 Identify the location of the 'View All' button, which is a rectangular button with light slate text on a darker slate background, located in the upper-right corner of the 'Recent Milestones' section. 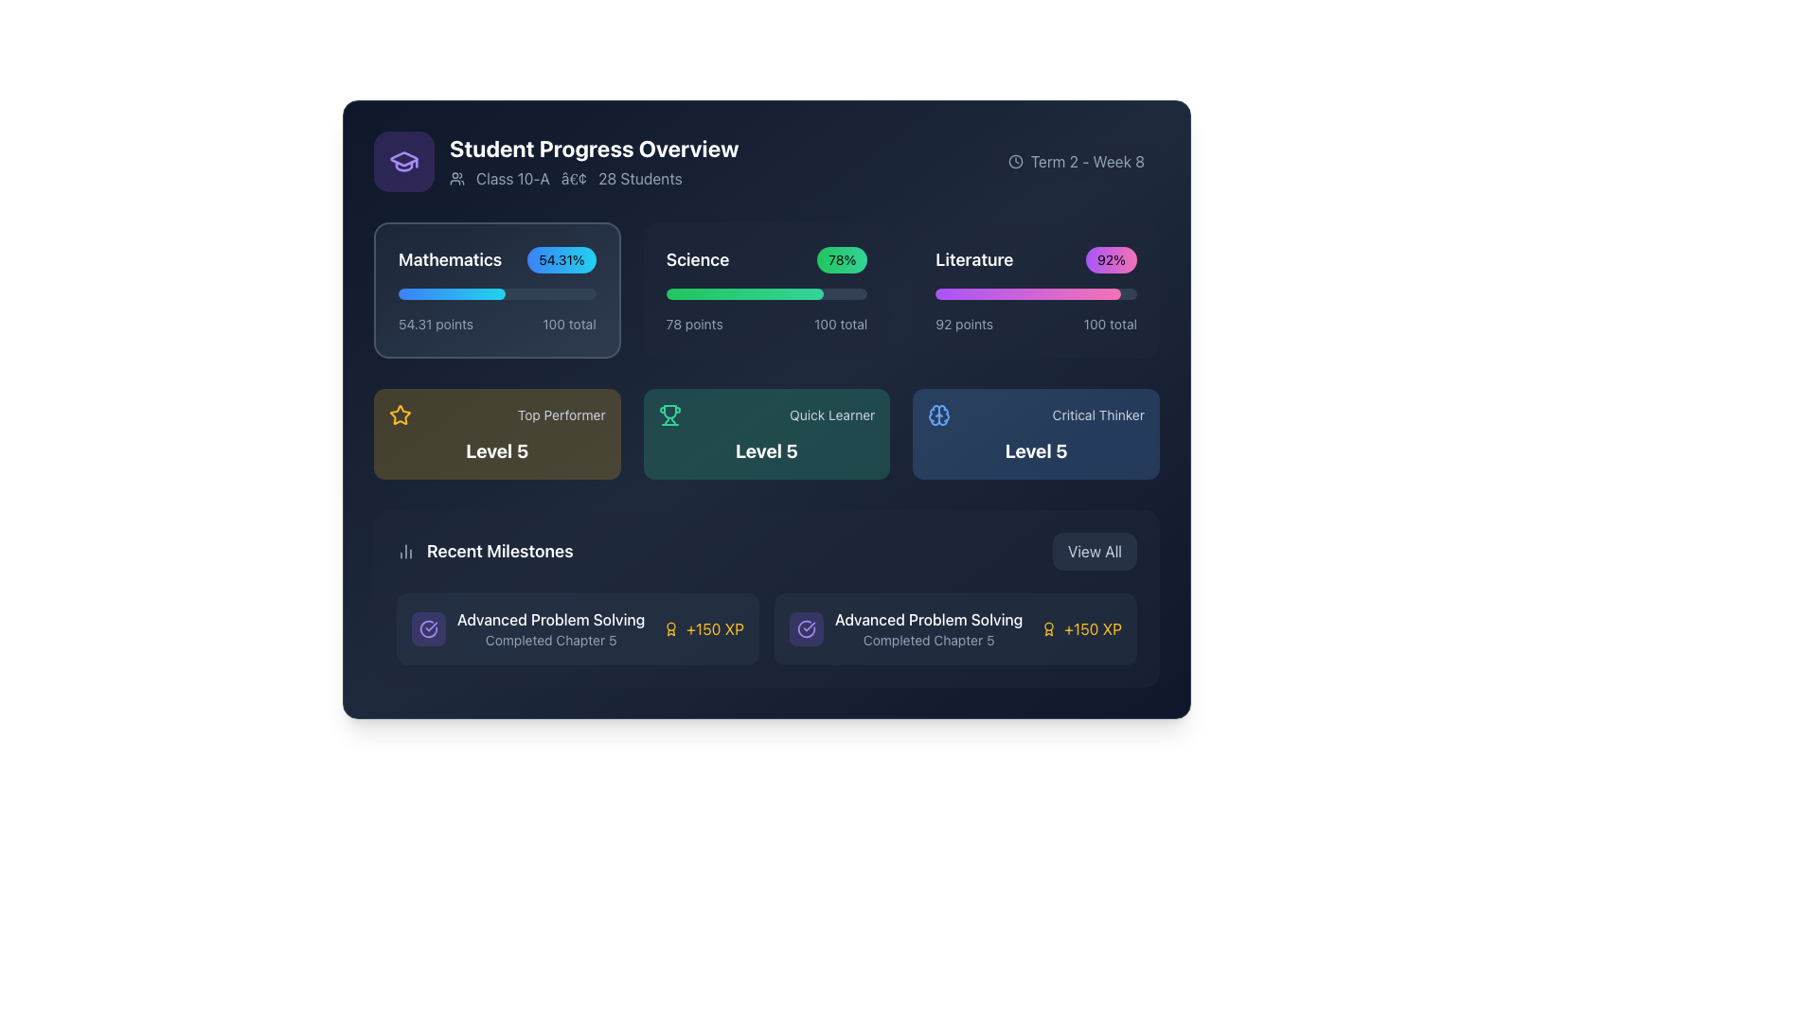
(1095, 551).